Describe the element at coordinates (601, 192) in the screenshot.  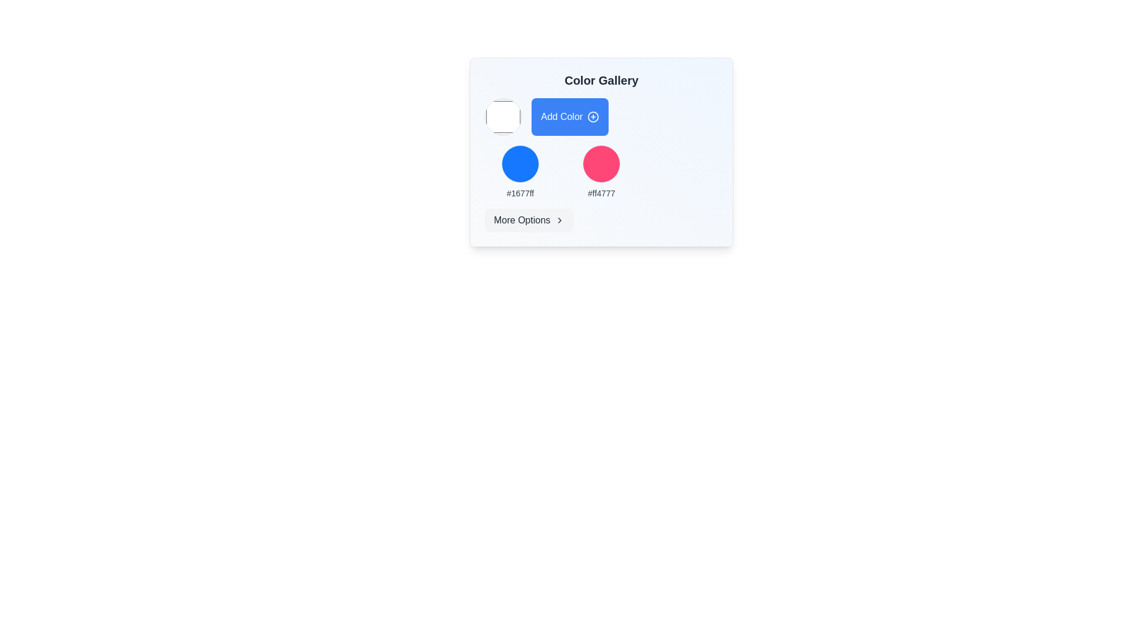
I see `the text displaying the color code '#ff4777', which is styled with a small font size and medium weight, located below a pink circular color swatch` at that location.